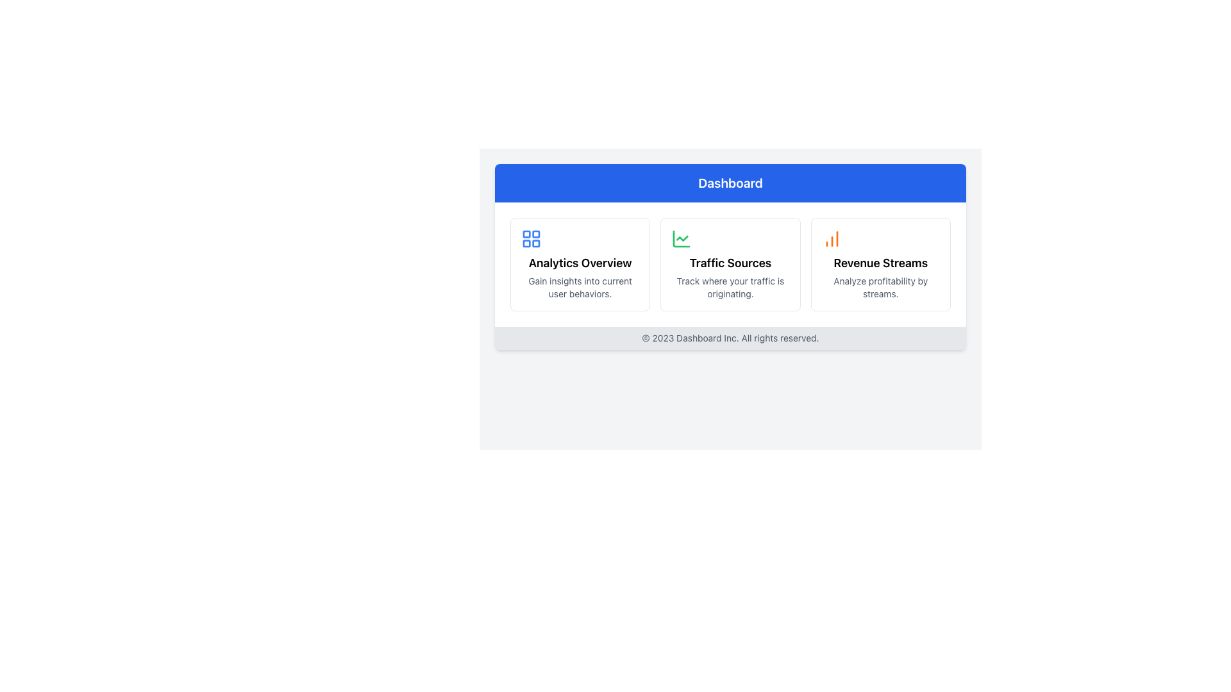  What do you see at coordinates (880, 286) in the screenshot?
I see `text label saying 'Analyze profitability by streams.' located in the card under the 'Revenue Streams' heading` at bounding box center [880, 286].